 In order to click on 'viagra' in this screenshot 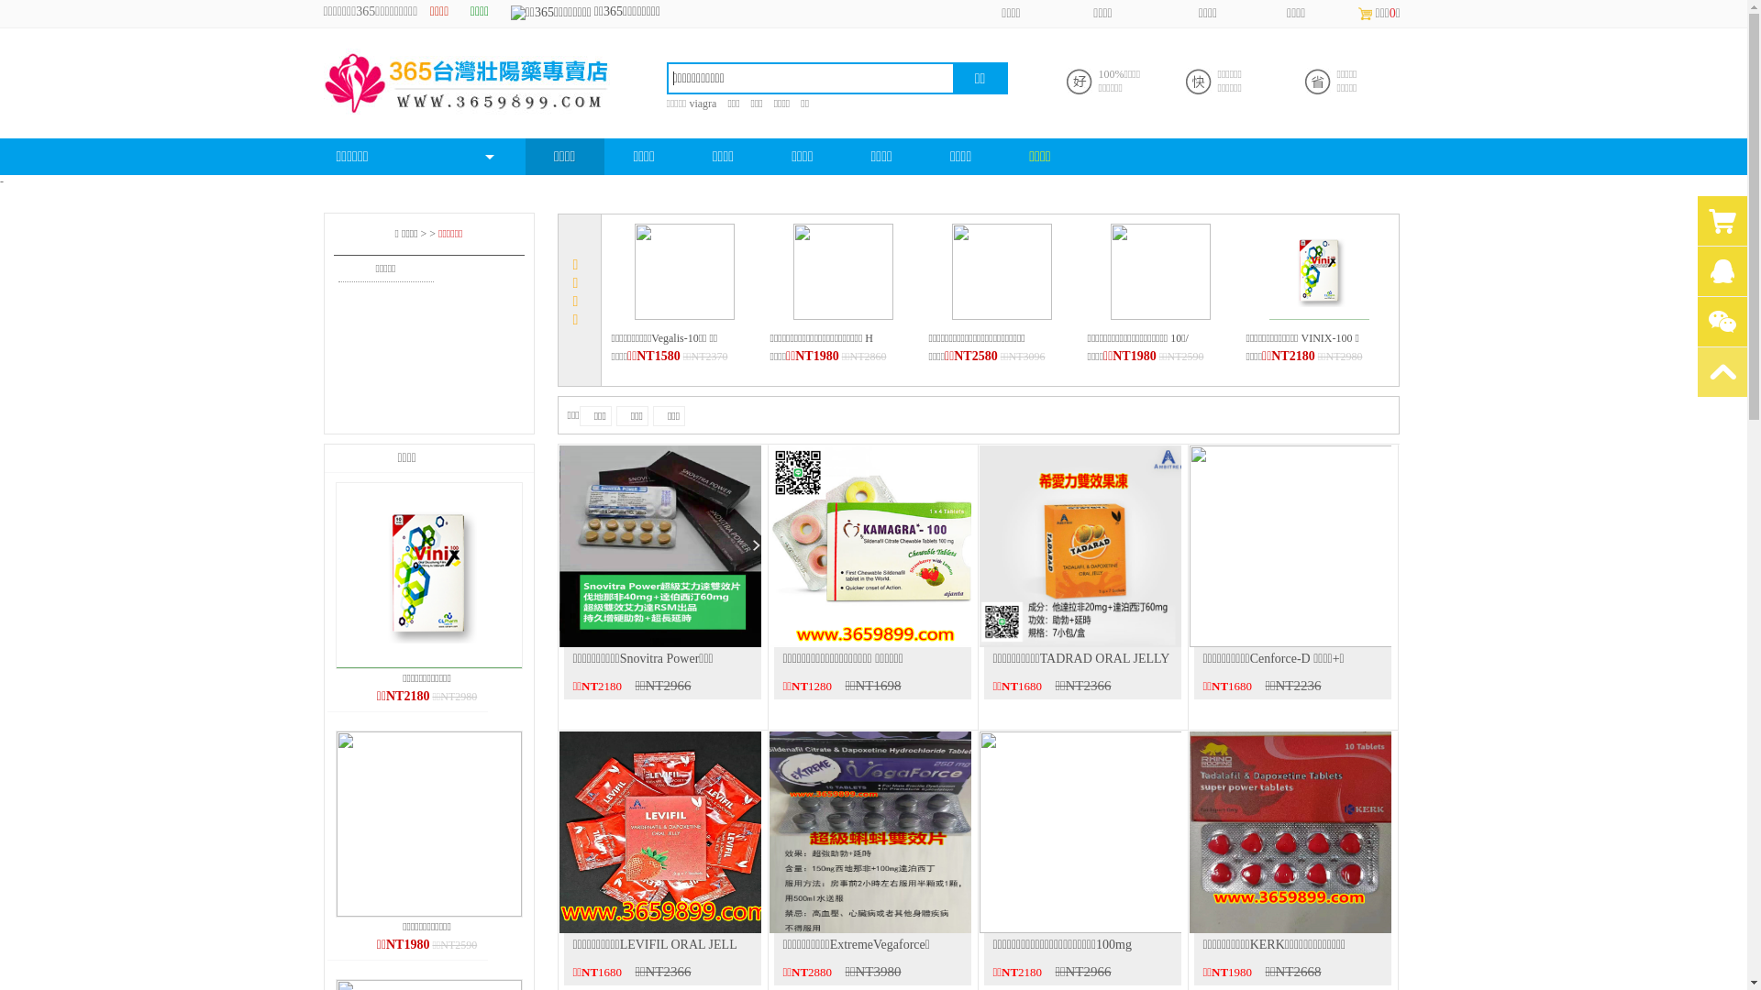, I will do `click(687, 103)`.